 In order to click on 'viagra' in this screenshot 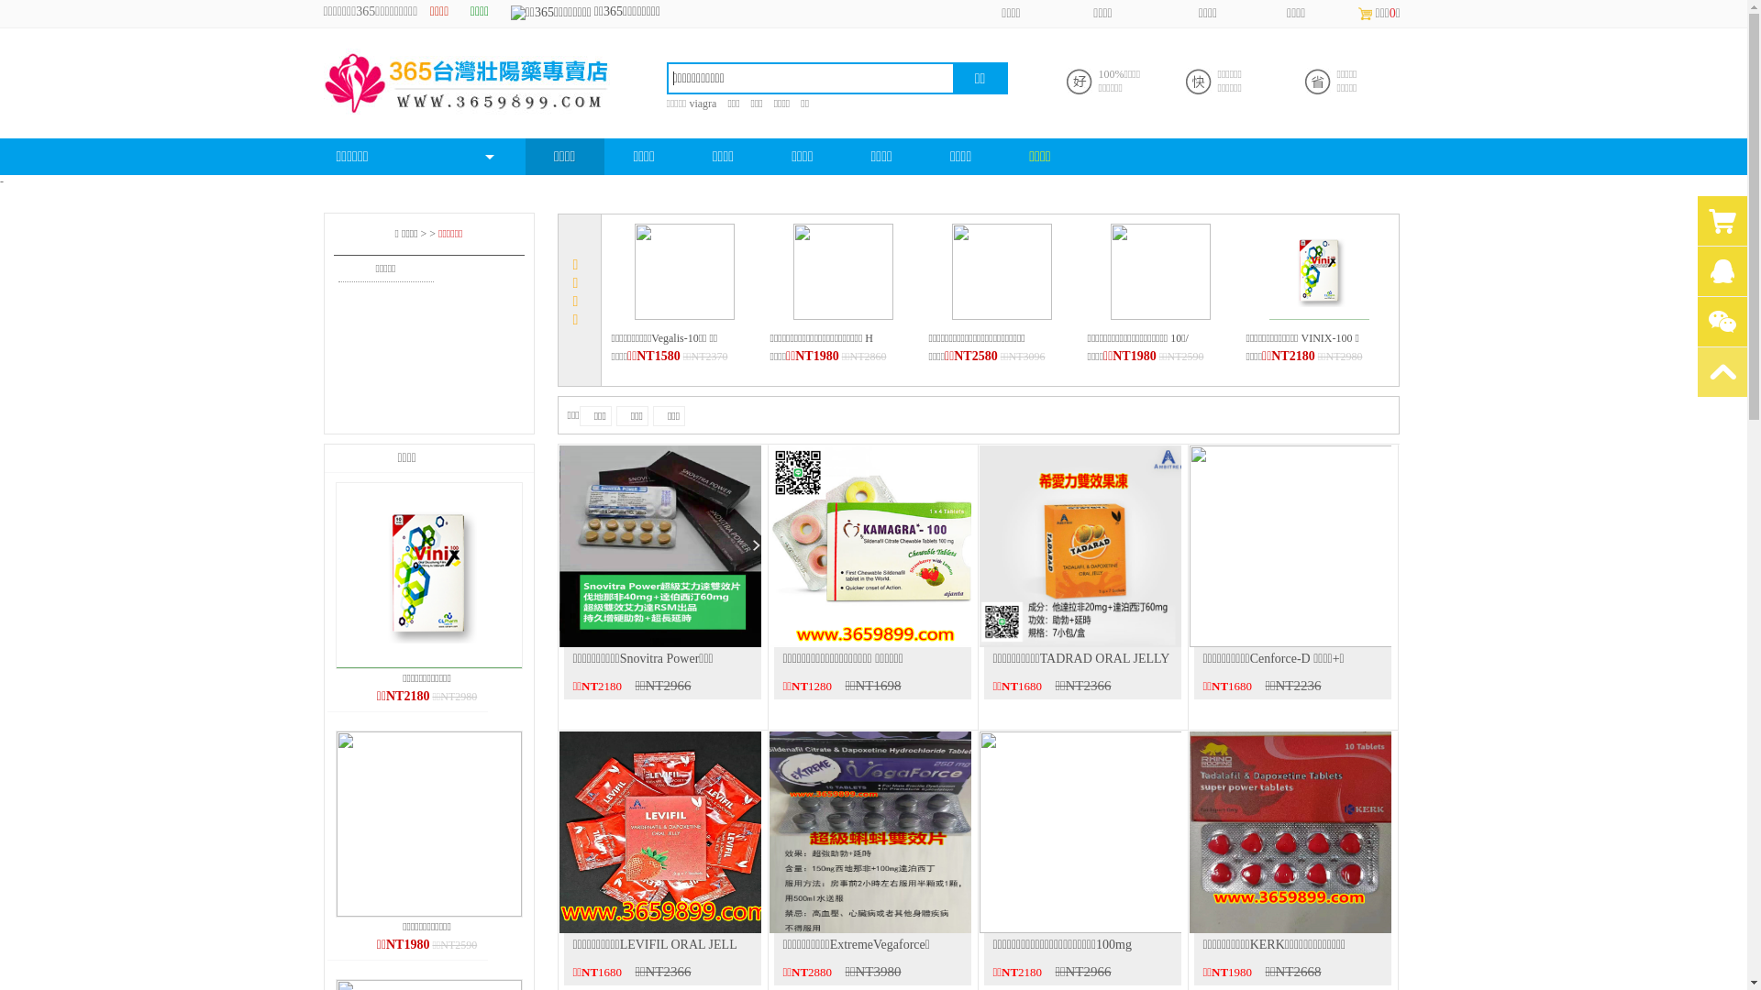, I will do `click(687, 103)`.